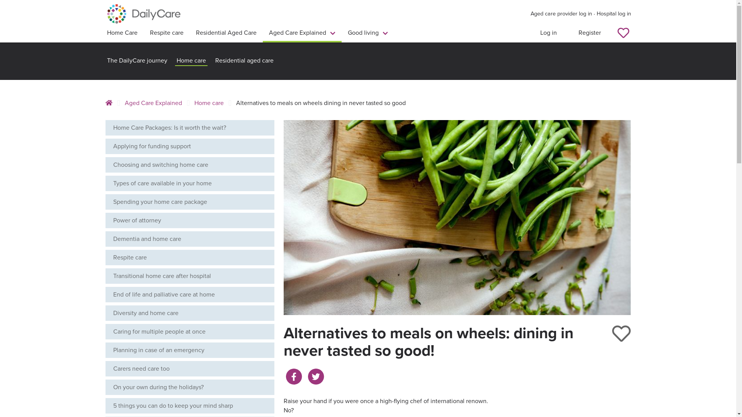 The image size is (742, 417). I want to click on 'Aged care provider log in', so click(561, 14).